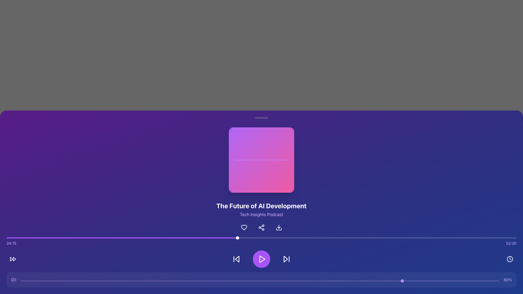  What do you see at coordinates (226, 281) in the screenshot?
I see `the slider position` at bounding box center [226, 281].